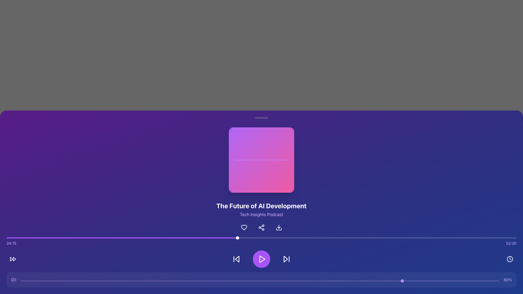  What do you see at coordinates (226, 281) in the screenshot?
I see `the slider position` at bounding box center [226, 281].